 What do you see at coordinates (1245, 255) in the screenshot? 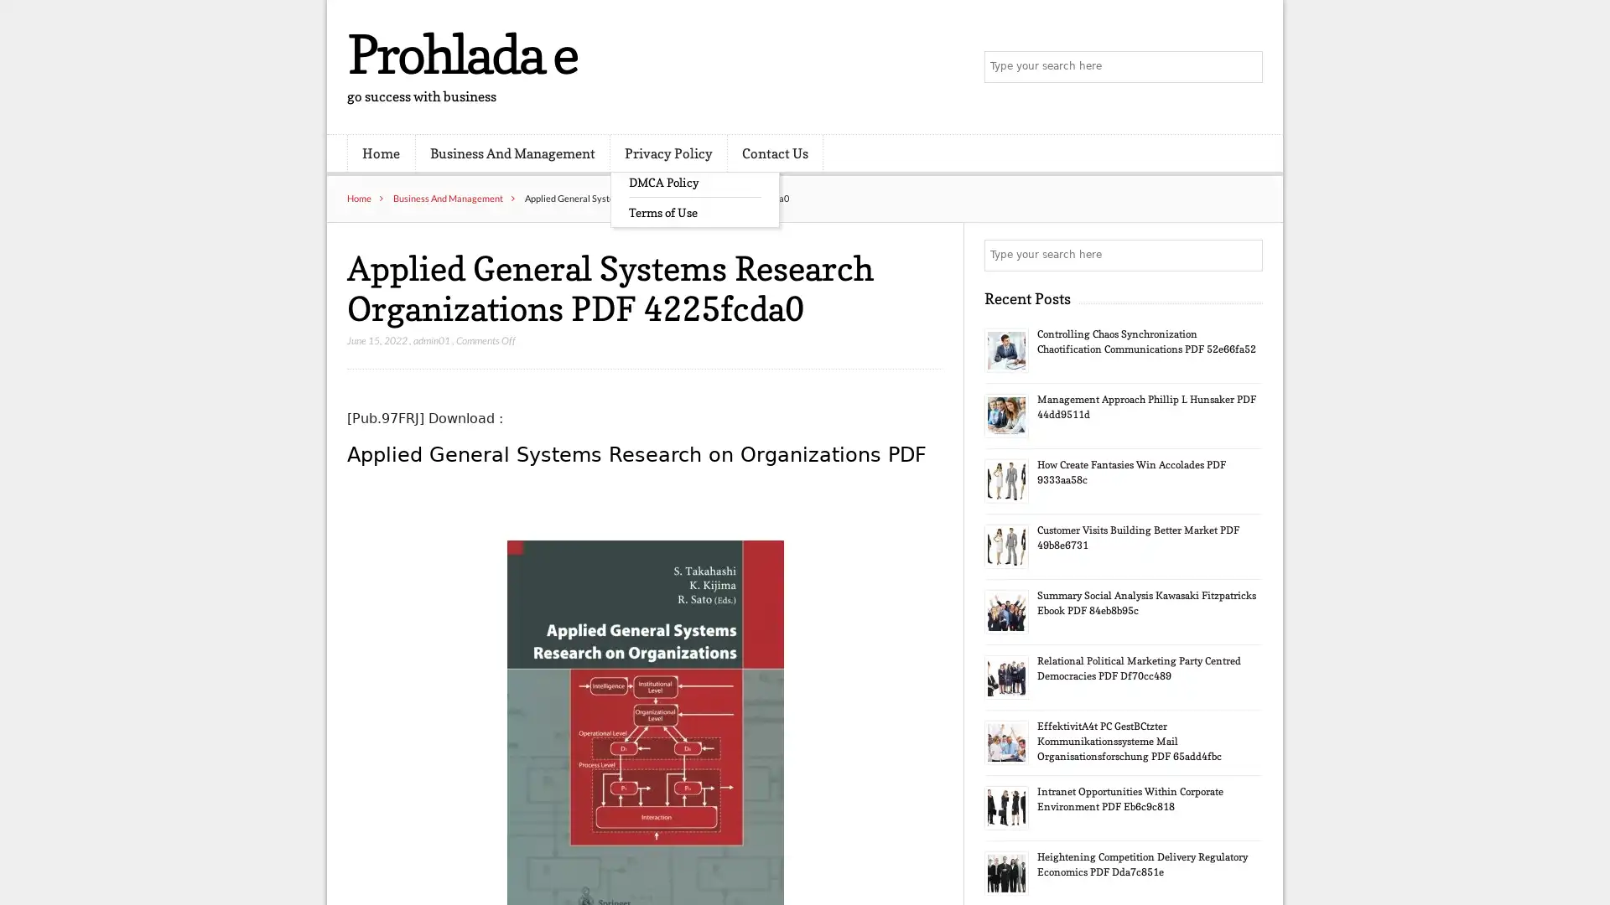
I see `Search` at bounding box center [1245, 255].